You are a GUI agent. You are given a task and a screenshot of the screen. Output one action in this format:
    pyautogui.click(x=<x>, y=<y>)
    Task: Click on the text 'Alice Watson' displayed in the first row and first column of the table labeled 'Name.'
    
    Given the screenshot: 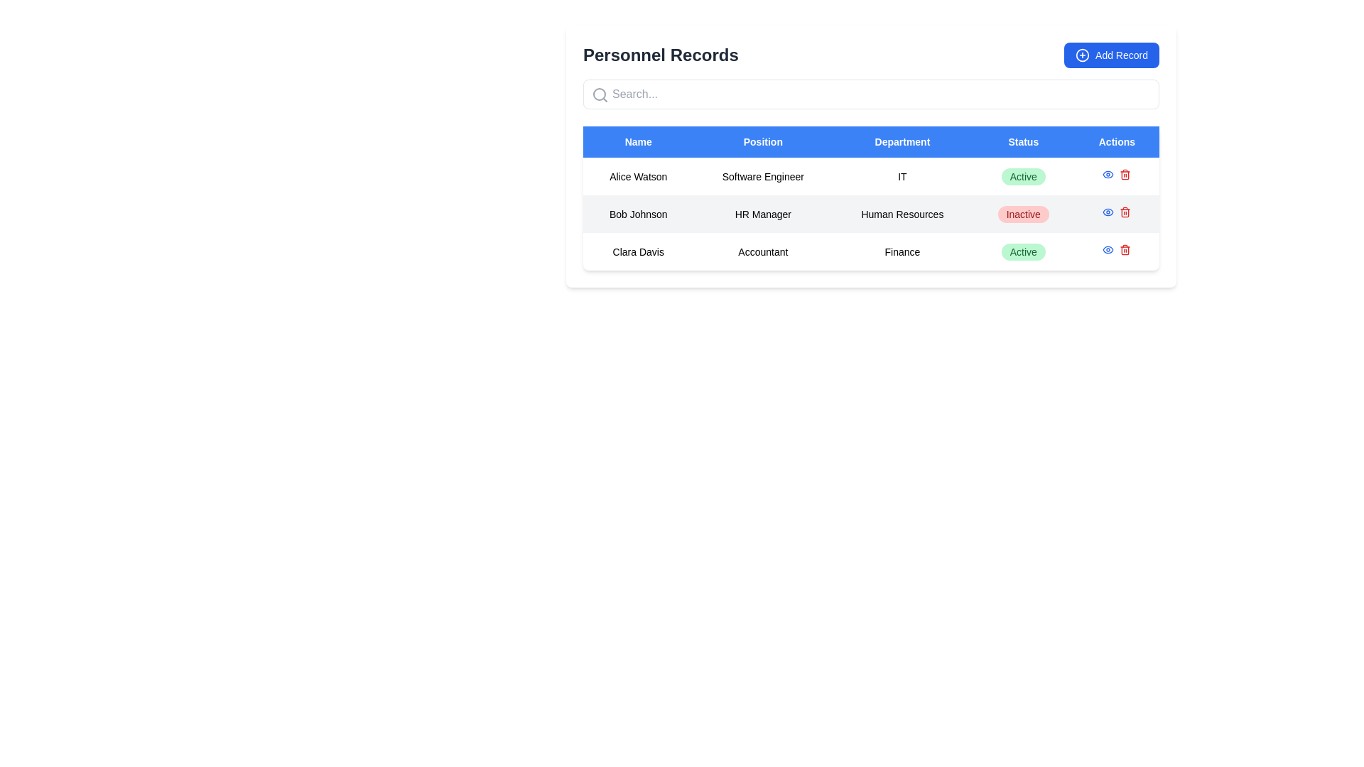 What is the action you would take?
    pyautogui.click(x=637, y=175)
    